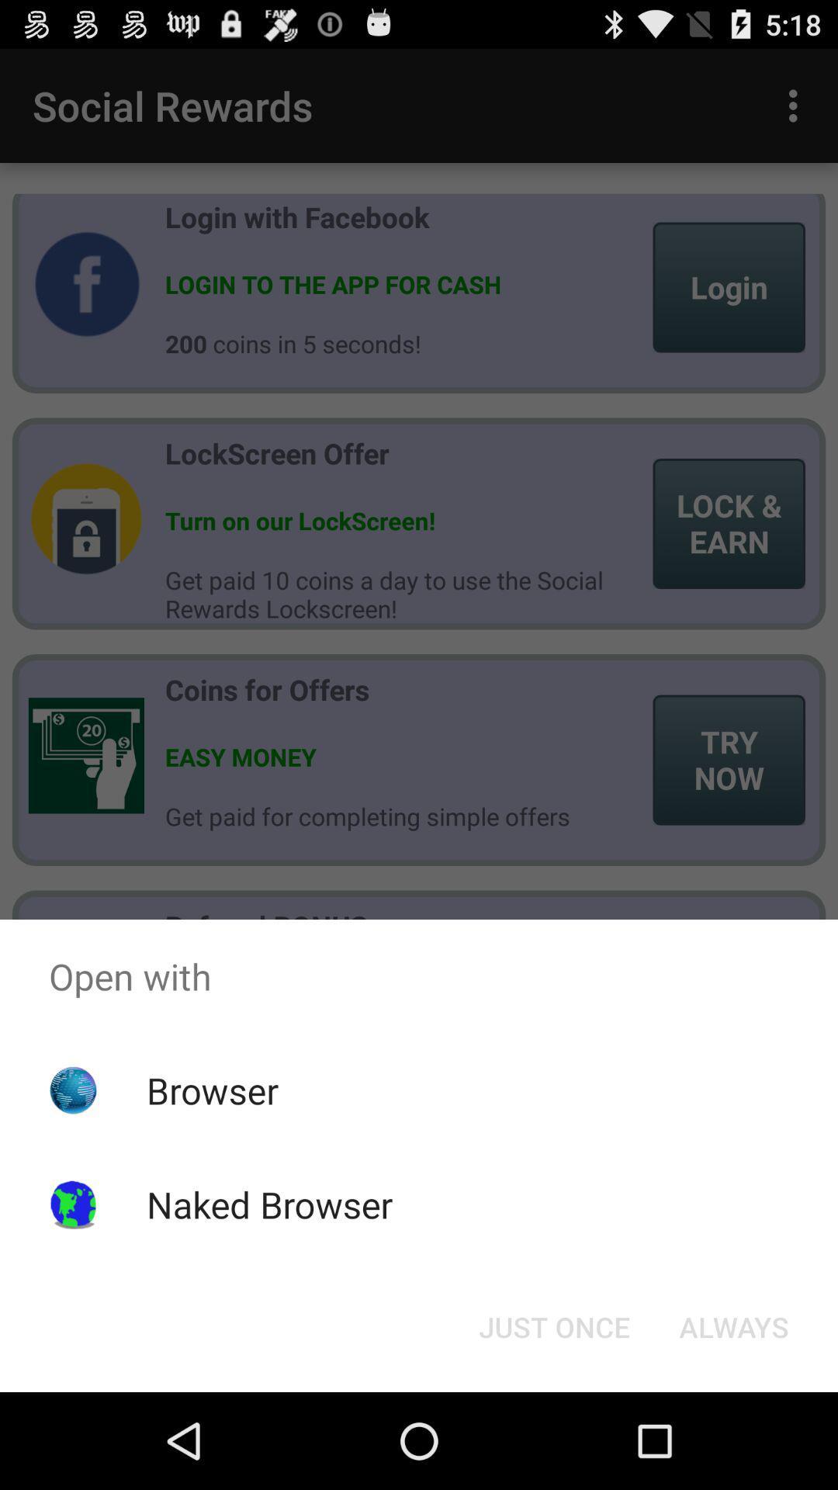 The height and width of the screenshot is (1490, 838). I want to click on icon at the bottom, so click(553, 1325).